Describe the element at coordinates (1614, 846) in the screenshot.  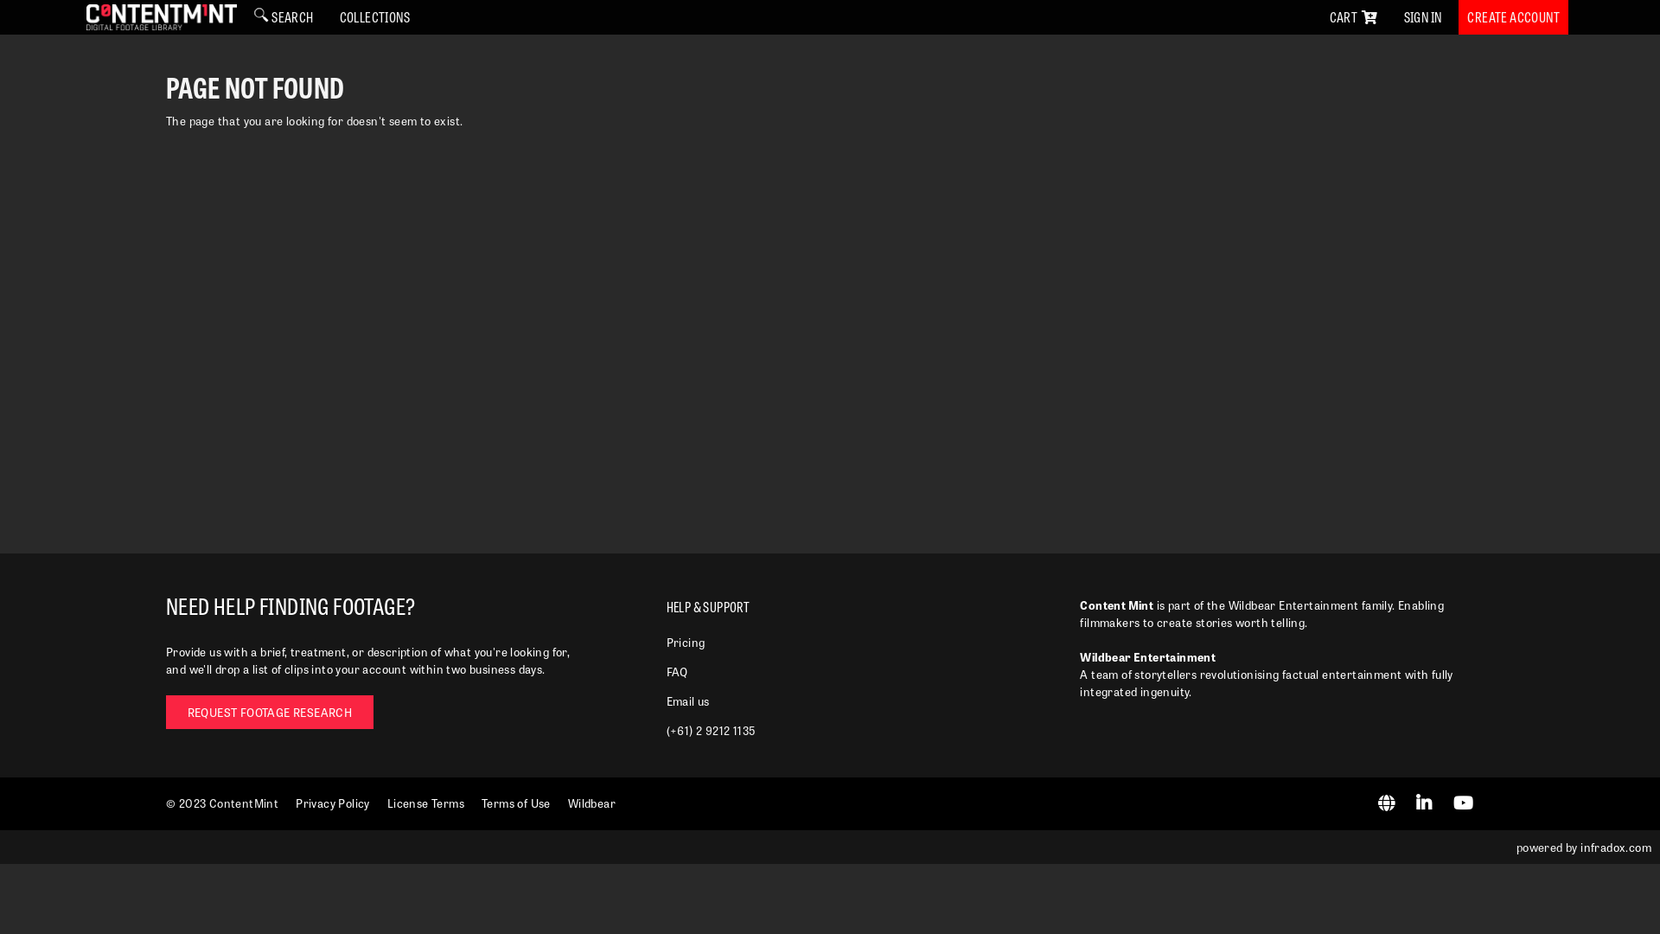
I see `'infradox.com'` at that location.